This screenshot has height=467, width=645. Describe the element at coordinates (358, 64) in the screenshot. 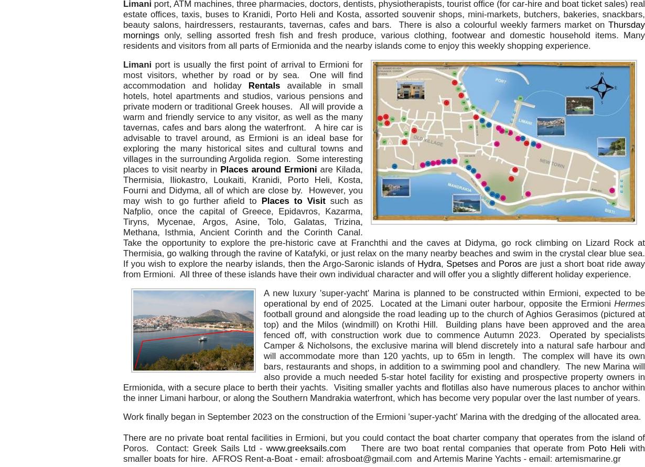

I see `'for'` at that location.